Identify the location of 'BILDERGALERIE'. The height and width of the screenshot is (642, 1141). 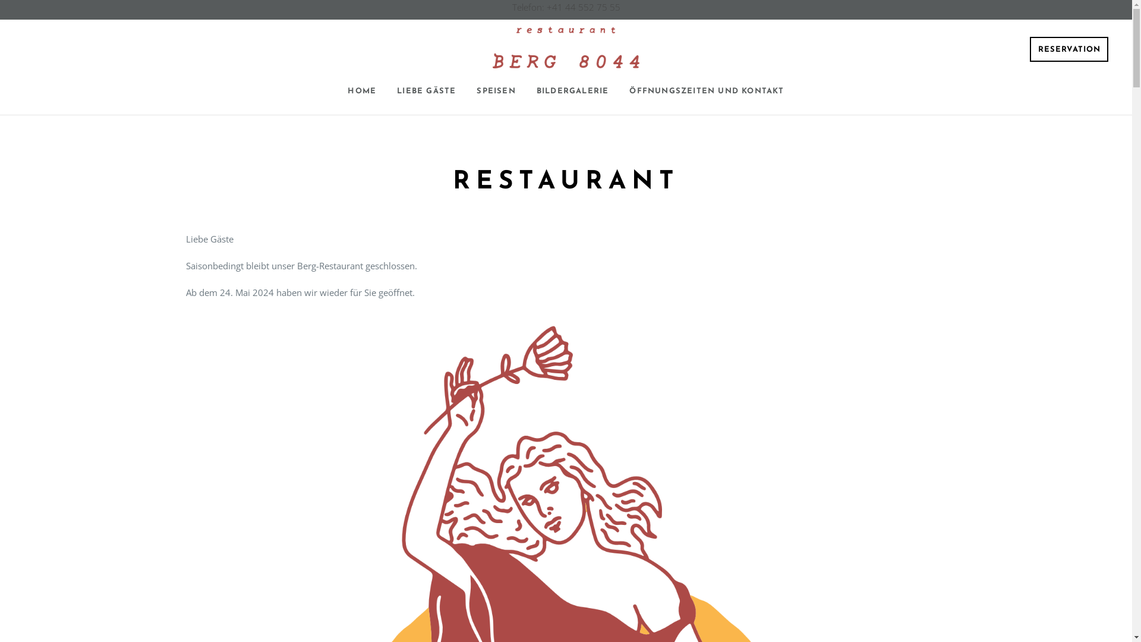
(573, 91).